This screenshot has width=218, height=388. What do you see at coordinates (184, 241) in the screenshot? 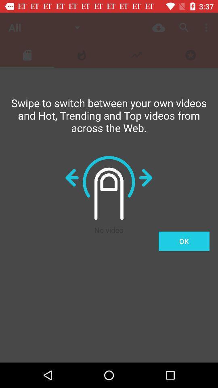
I see `the ok item` at bounding box center [184, 241].